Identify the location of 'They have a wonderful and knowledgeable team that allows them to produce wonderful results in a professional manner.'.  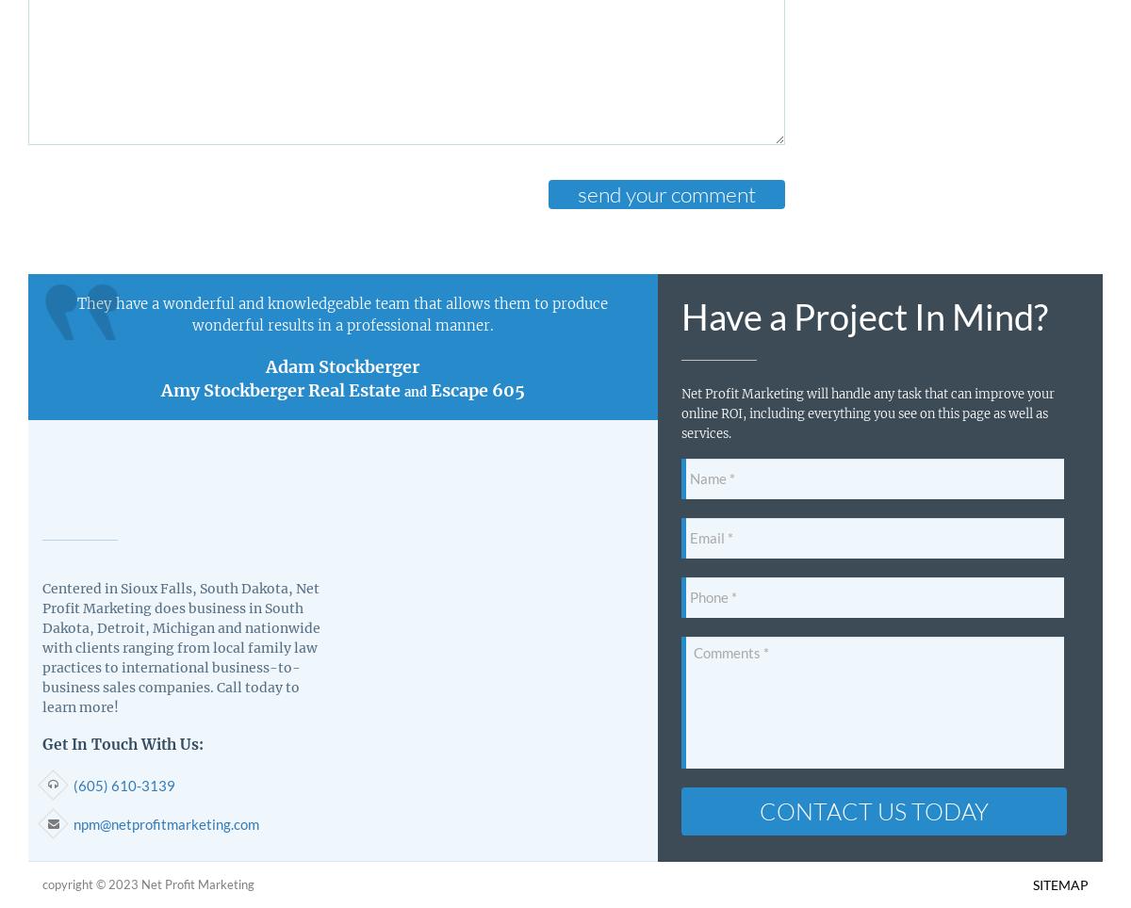
(342, 312).